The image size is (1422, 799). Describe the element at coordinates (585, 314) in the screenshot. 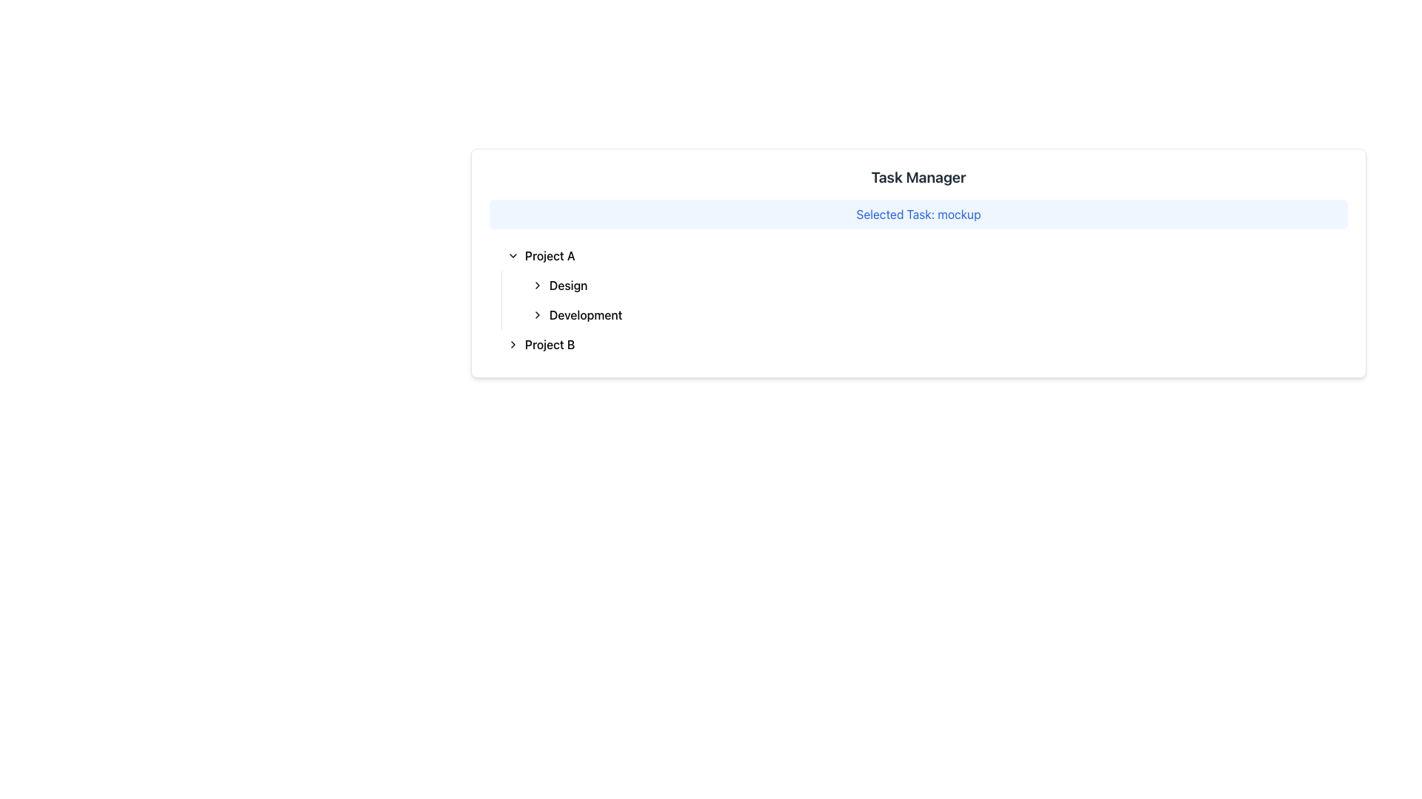

I see `the 'Development' label located under the 'Project A' section in the task manager, which is positioned between 'Design' and 'Project B'` at that location.